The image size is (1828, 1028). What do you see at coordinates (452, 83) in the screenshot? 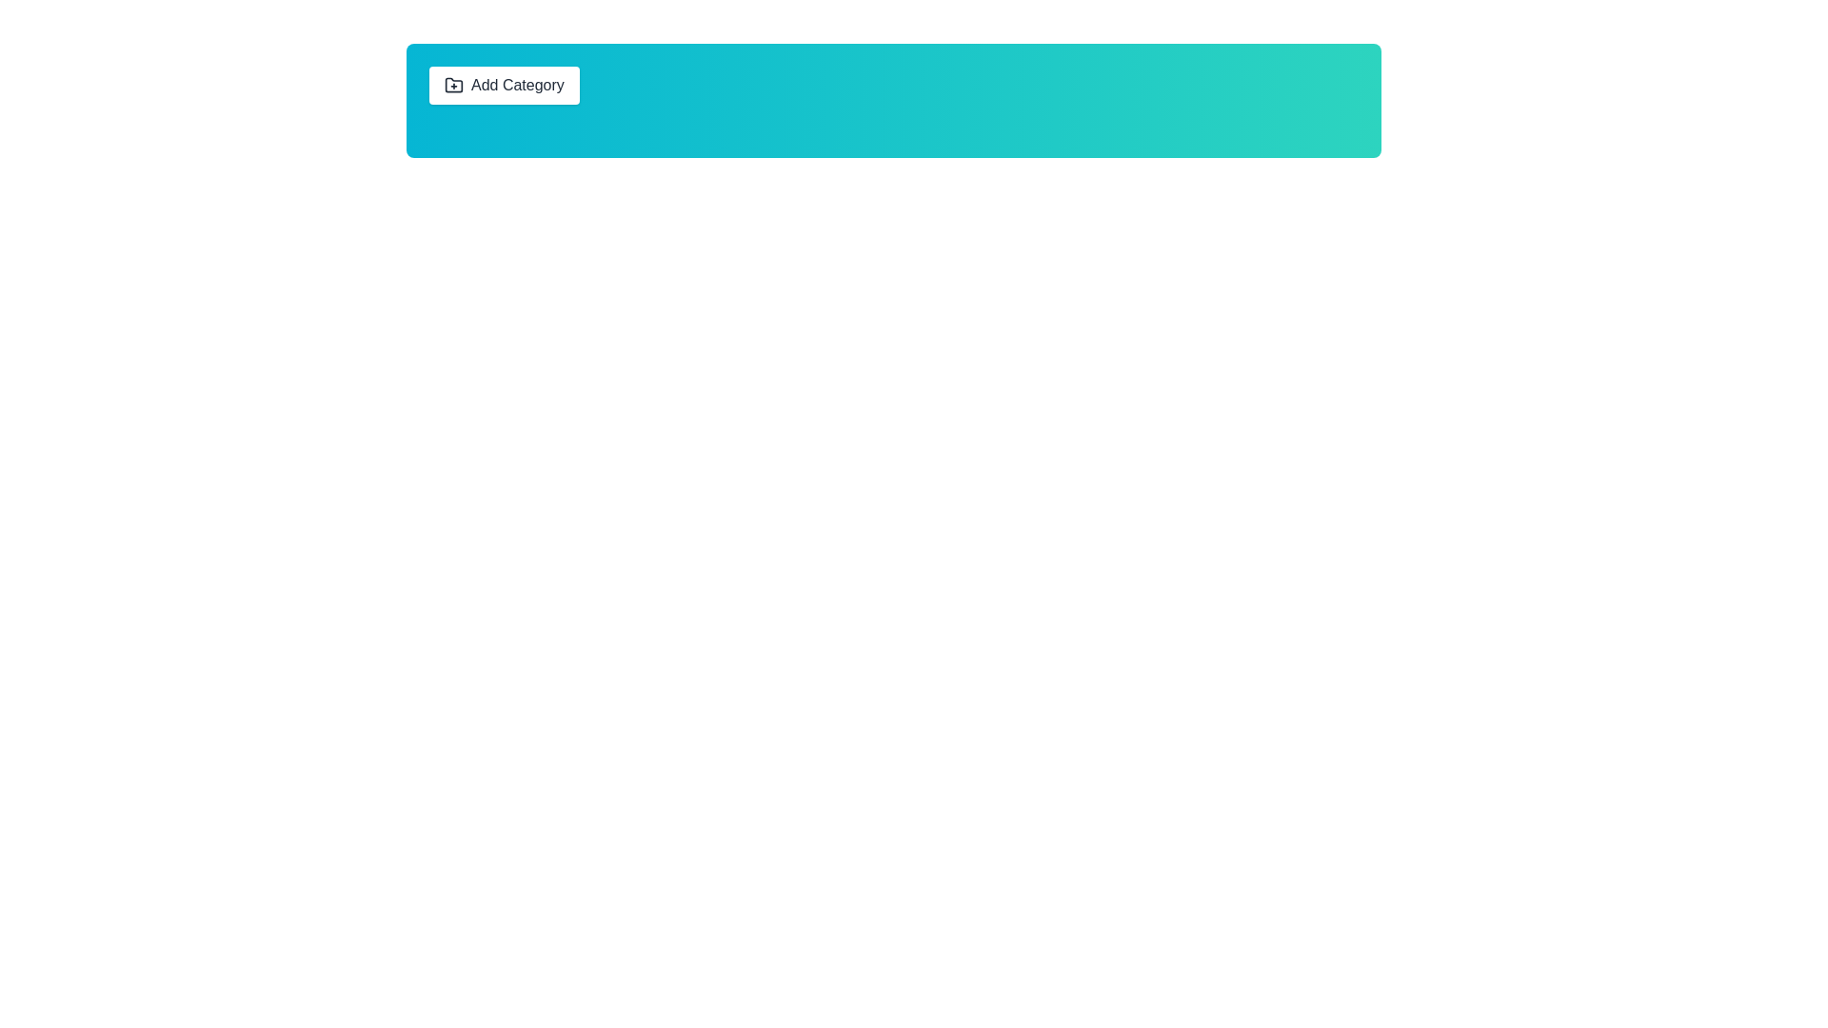
I see `the Icon (SVG graphic) located to the left of the 'Add Category' text within a rounded rectangular button in the top center of the interface` at bounding box center [452, 83].